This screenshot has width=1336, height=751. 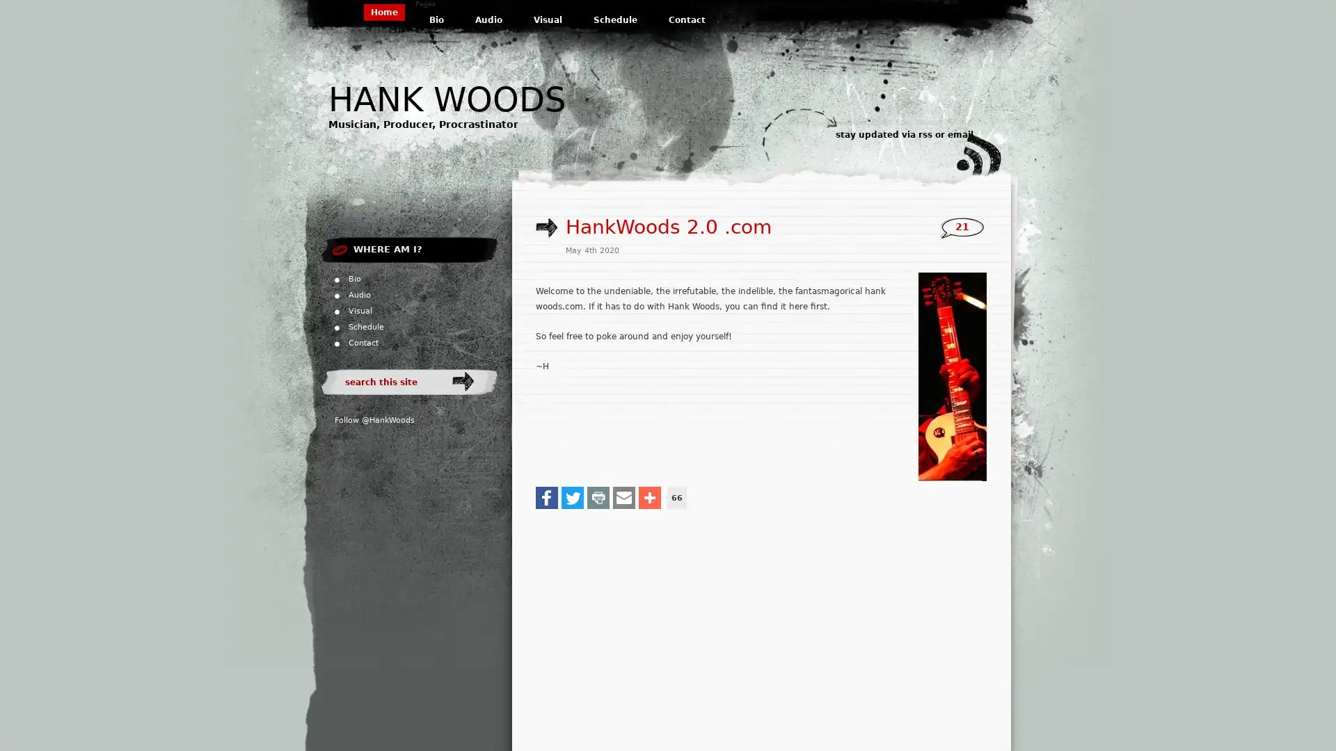 What do you see at coordinates (623, 496) in the screenshot?
I see `Share to Email` at bounding box center [623, 496].